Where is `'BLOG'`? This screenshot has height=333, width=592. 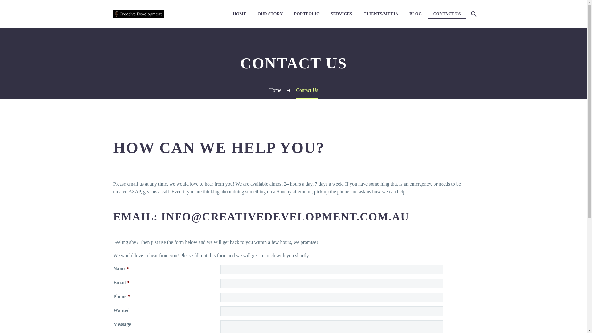 'BLOG' is located at coordinates (416, 14).